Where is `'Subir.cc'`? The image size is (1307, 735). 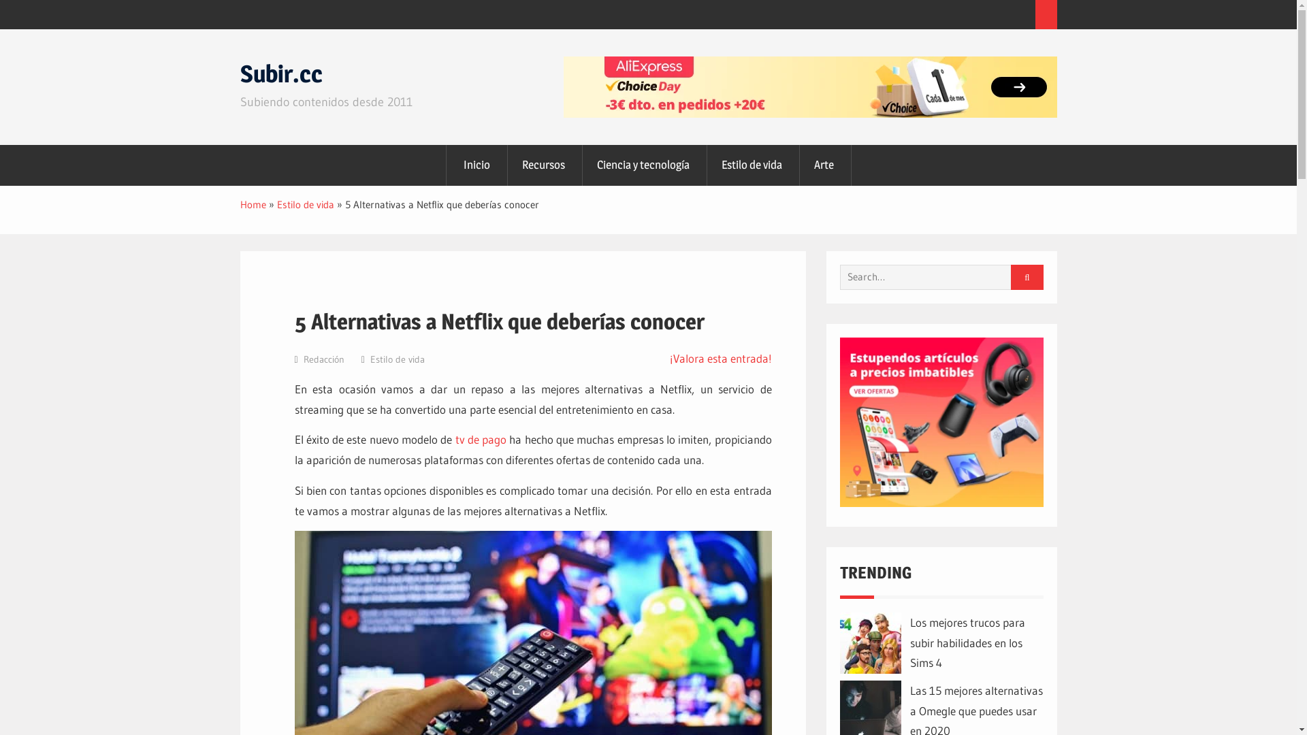
'Subir.cc' is located at coordinates (280, 73).